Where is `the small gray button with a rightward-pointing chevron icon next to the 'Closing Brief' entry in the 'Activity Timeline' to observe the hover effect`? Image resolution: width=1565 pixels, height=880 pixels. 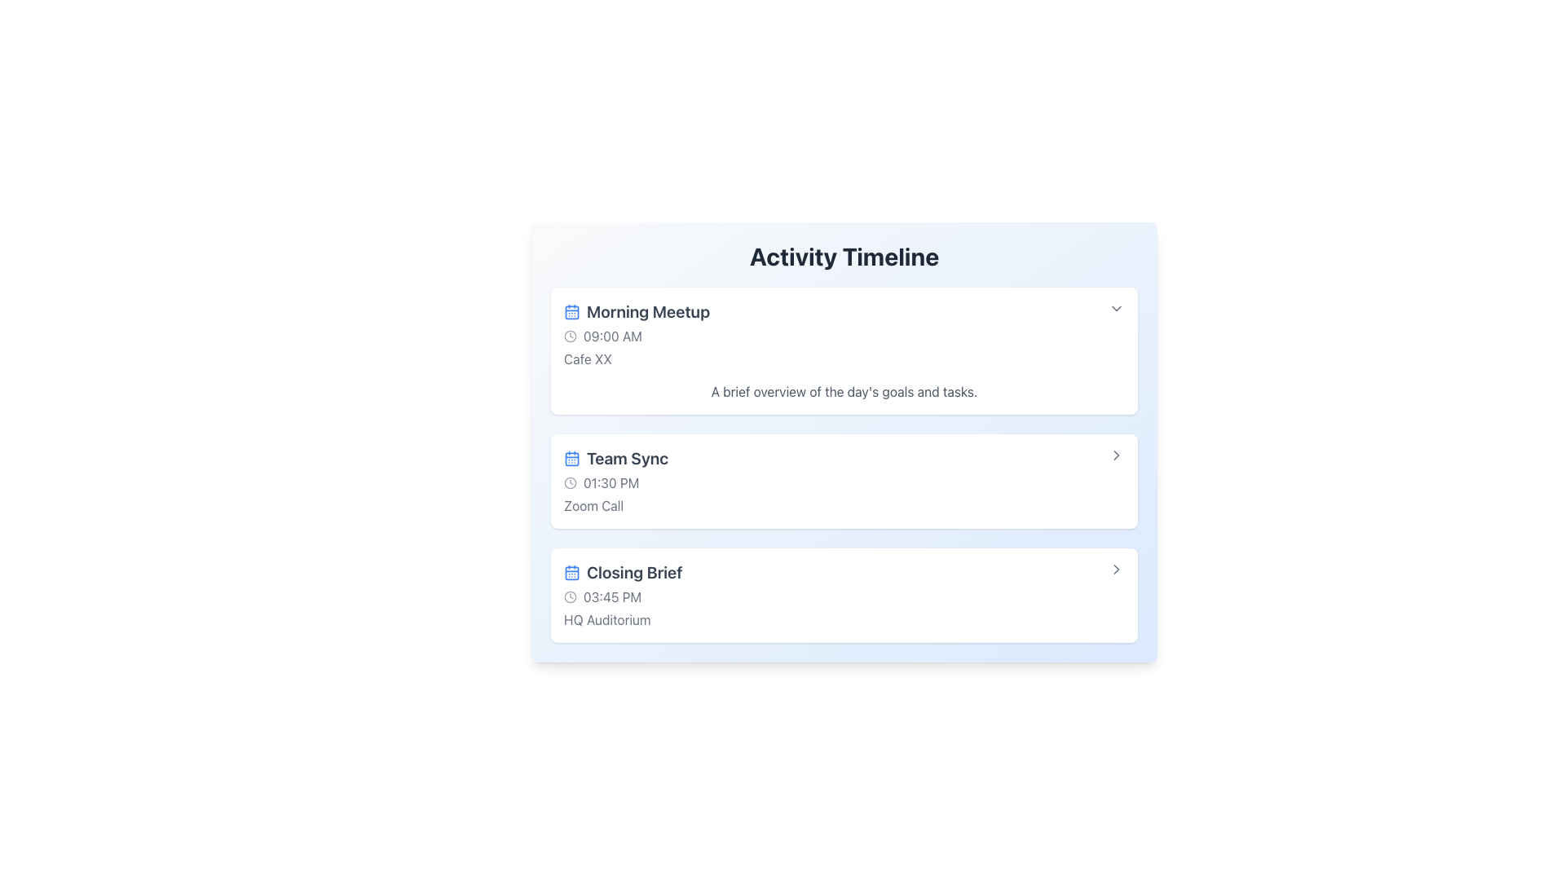 the small gray button with a rightward-pointing chevron icon next to the 'Closing Brief' entry in the 'Activity Timeline' to observe the hover effect is located at coordinates (1115, 568).